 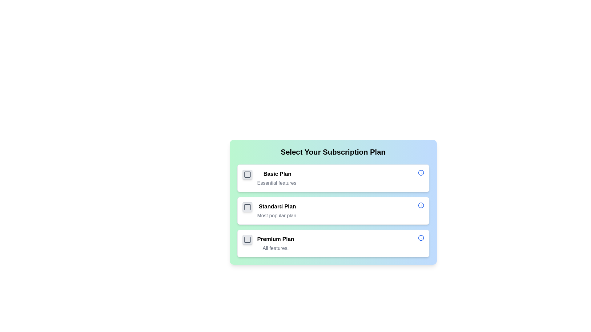 What do you see at coordinates (277, 206) in the screenshot?
I see `the 'Standard Plan' subscription title text label, which is located centrally at the top-left of the subscription card, indicating the name of the plan` at bounding box center [277, 206].